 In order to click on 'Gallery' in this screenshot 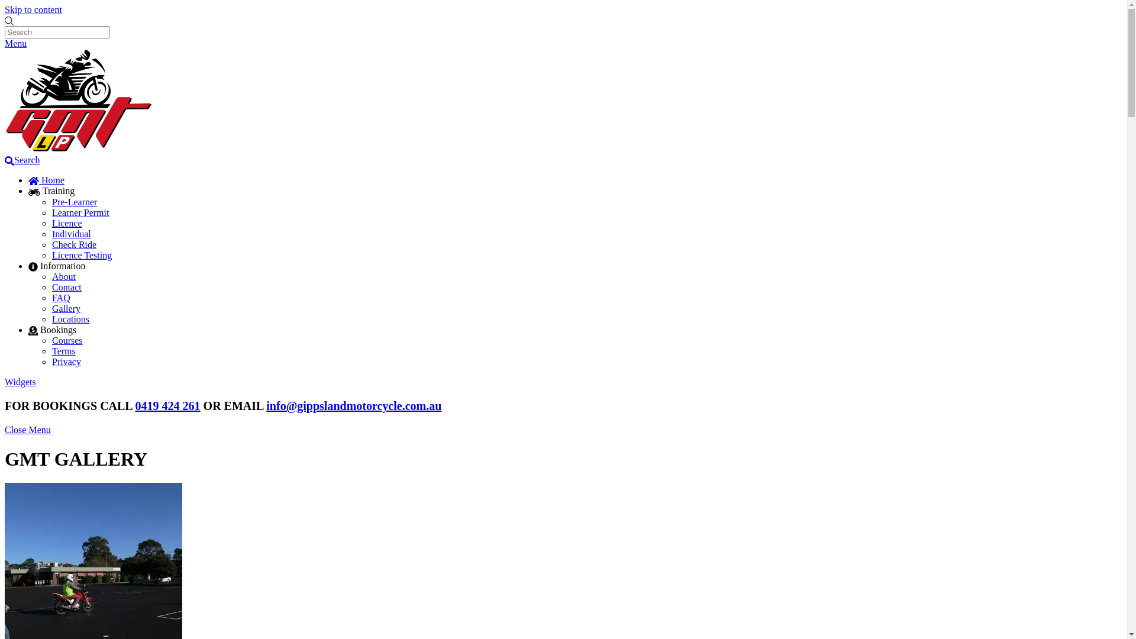, I will do `click(65, 308)`.